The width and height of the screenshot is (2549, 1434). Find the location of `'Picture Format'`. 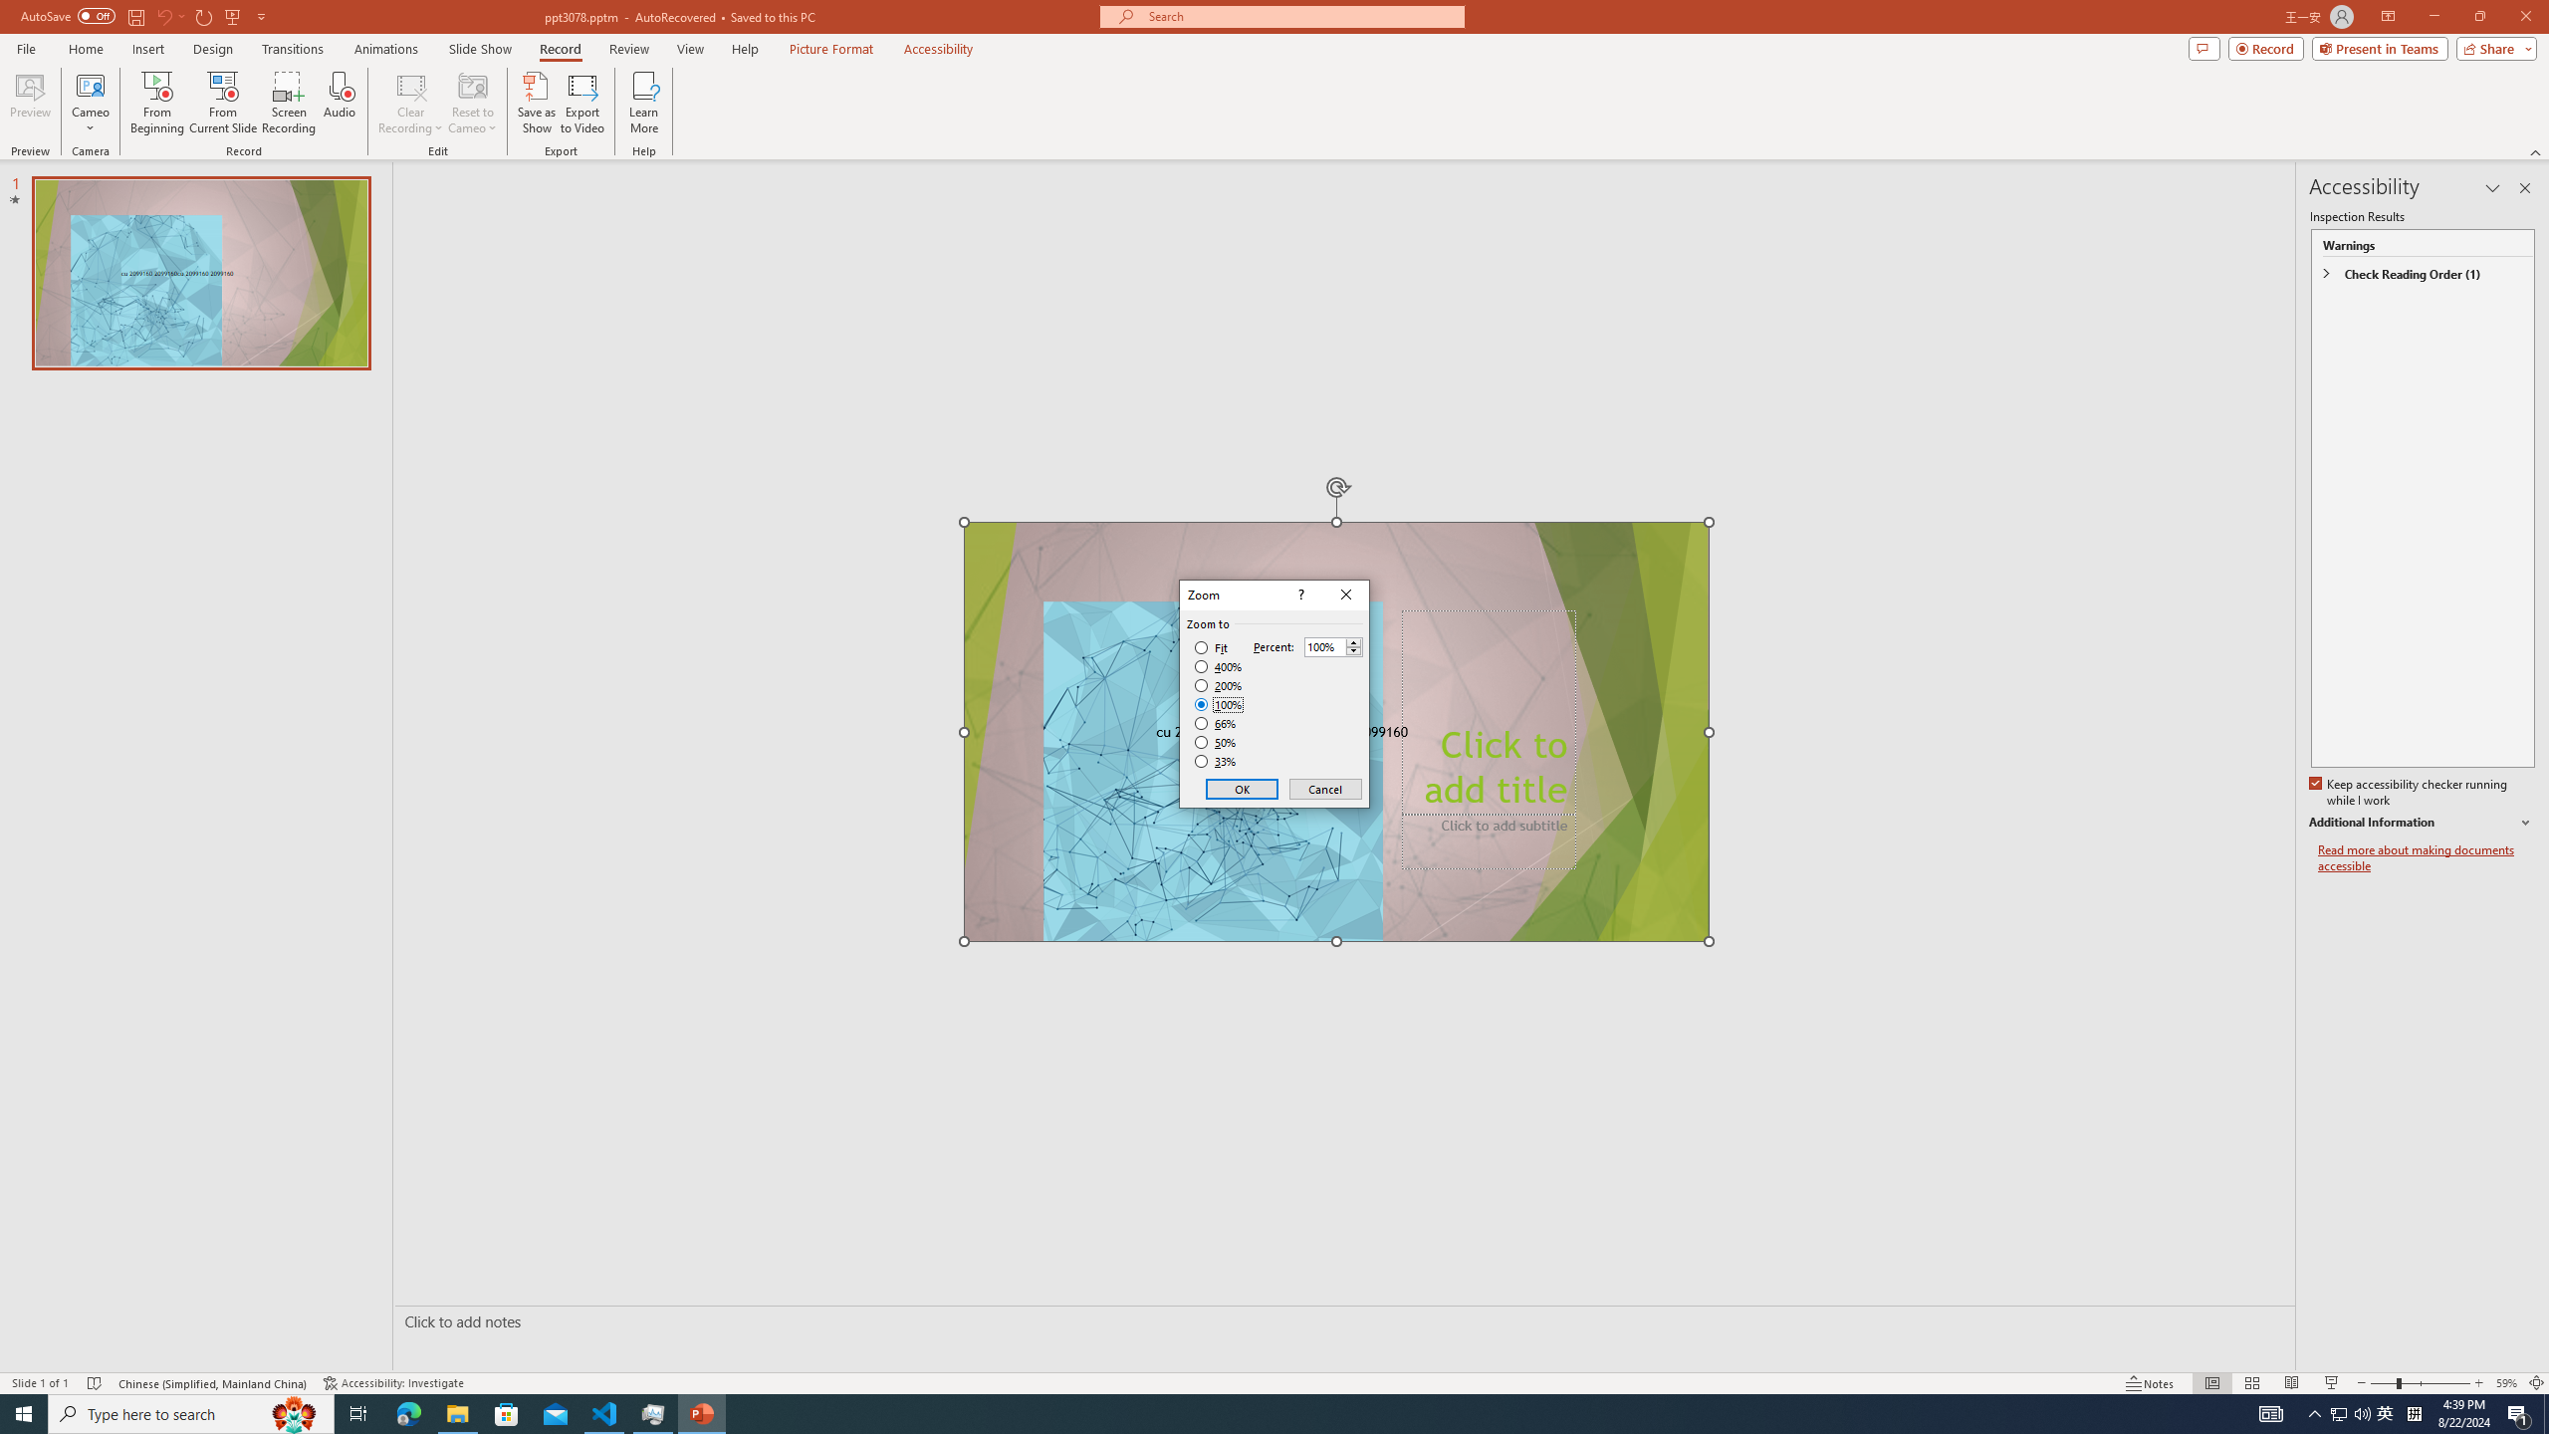

'Picture Format' is located at coordinates (831, 49).